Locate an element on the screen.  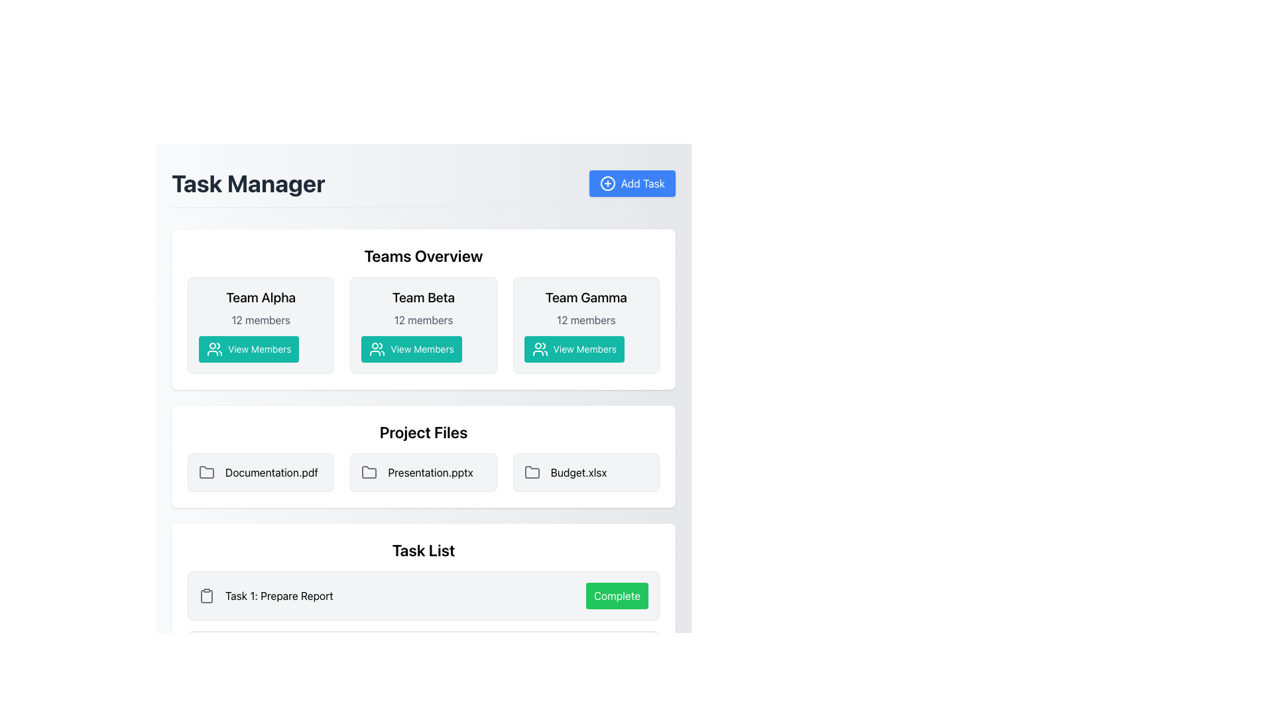
the text label displaying 'Documentation.pdf' in the 'Project Files' section to interact with it is located at coordinates (271, 472).